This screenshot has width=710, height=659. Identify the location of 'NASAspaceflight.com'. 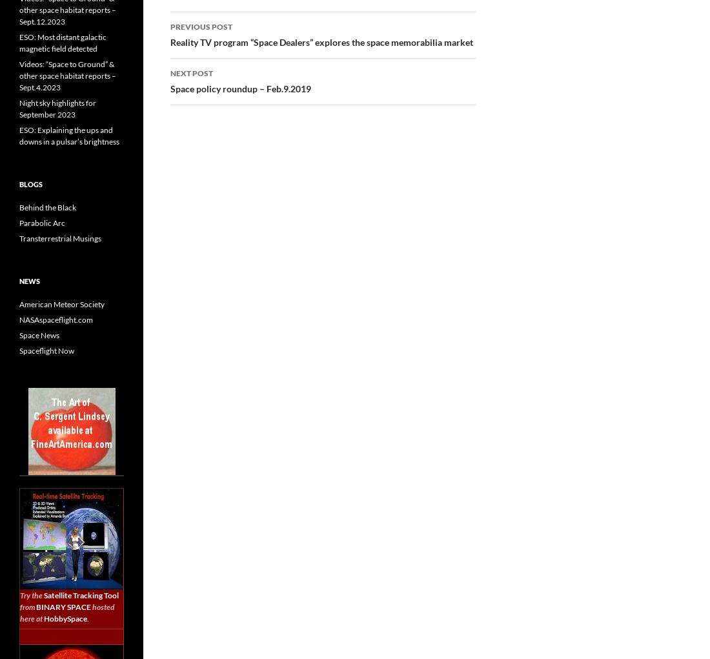
(56, 319).